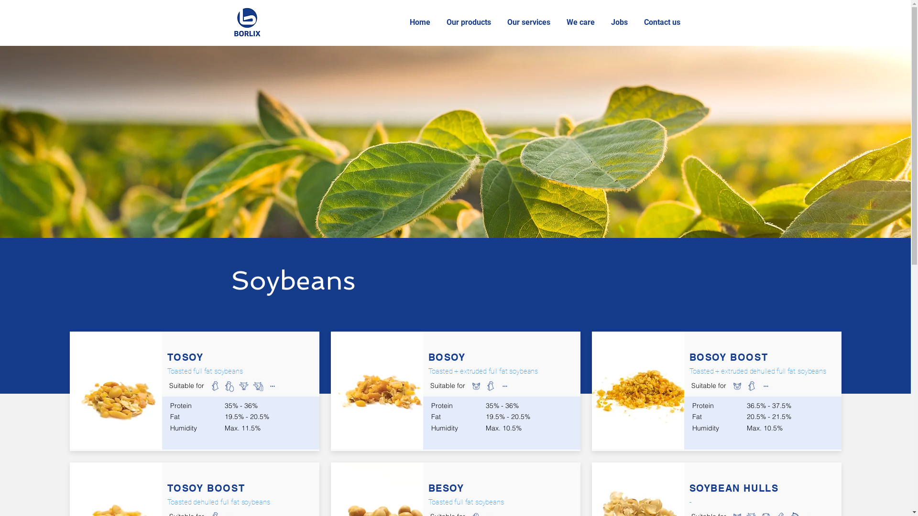 The height and width of the screenshot is (516, 918). I want to click on 'Cattle', so click(504, 385).